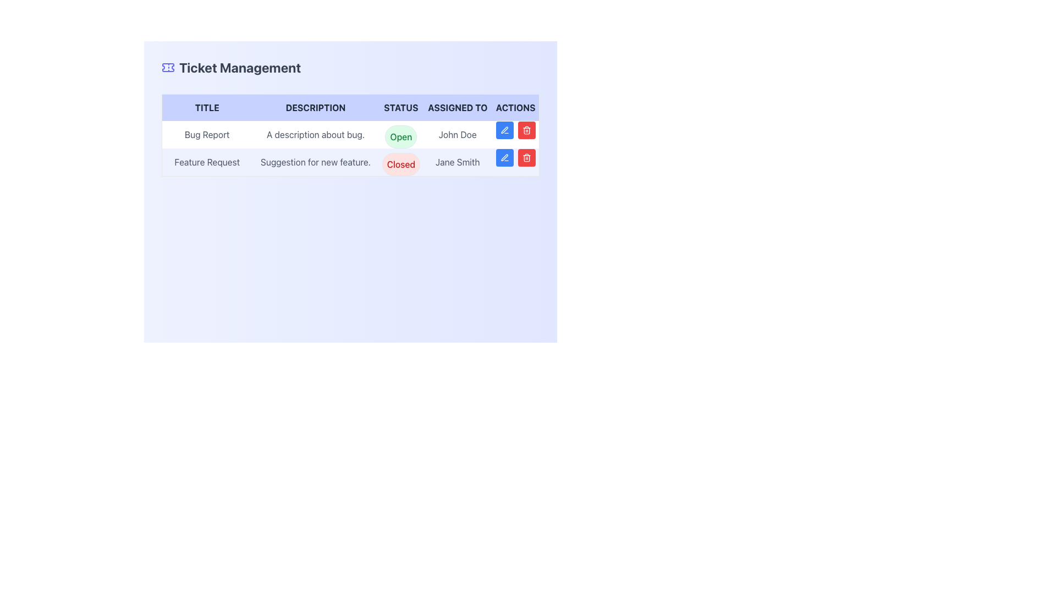  Describe the element at coordinates (207, 107) in the screenshot. I see `the text label 'Title', which is styled in bold uppercase letters and located in the first column of the table header at the top-left corner of the content section` at that location.